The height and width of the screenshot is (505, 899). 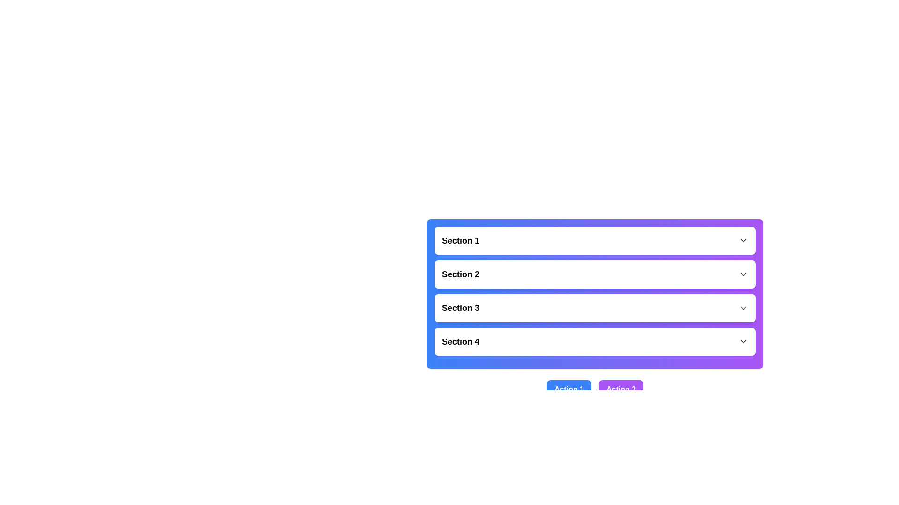 What do you see at coordinates (568, 390) in the screenshot?
I see `the button labeled 'Action 1'` at bounding box center [568, 390].